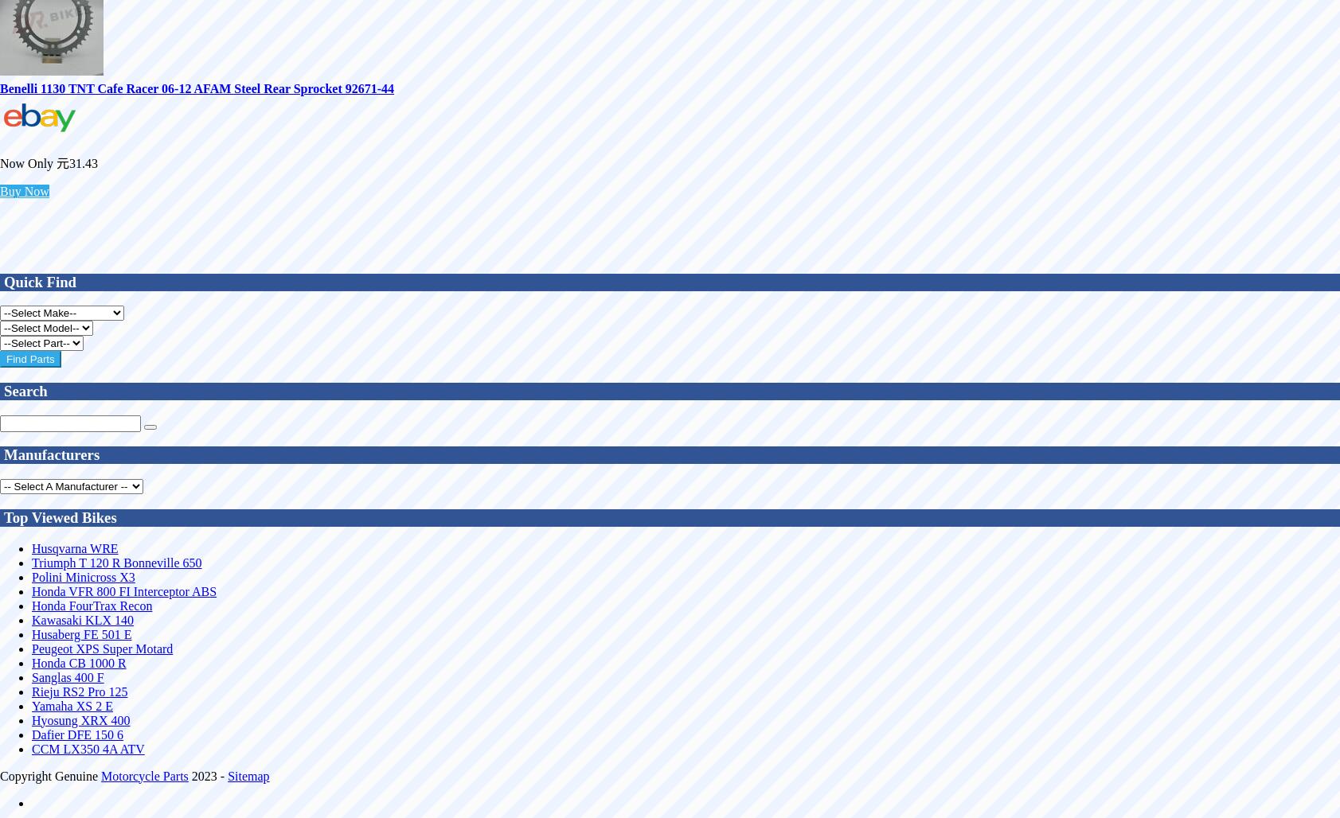  I want to click on 'Kawasaki KLX 140', so click(31, 619).